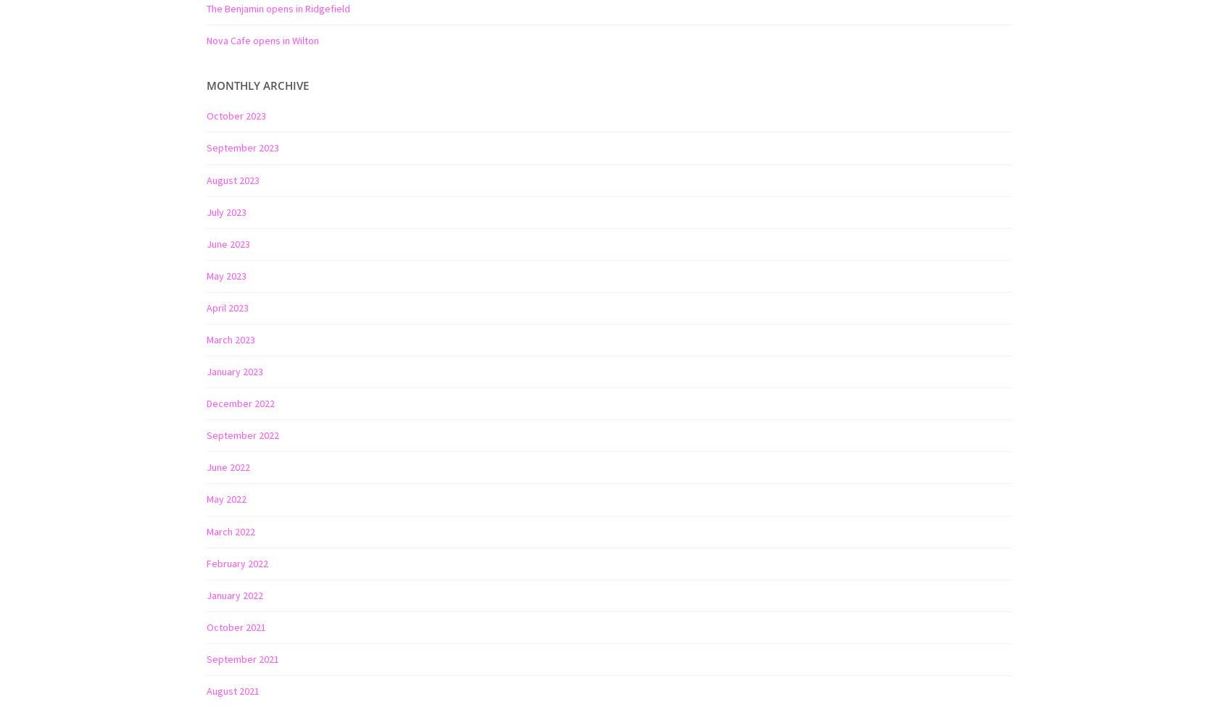 The height and width of the screenshot is (707, 1218). What do you see at coordinates (226, 498) in the screenshot?
I see `'May 2022'` at bounding box center [226, 498].